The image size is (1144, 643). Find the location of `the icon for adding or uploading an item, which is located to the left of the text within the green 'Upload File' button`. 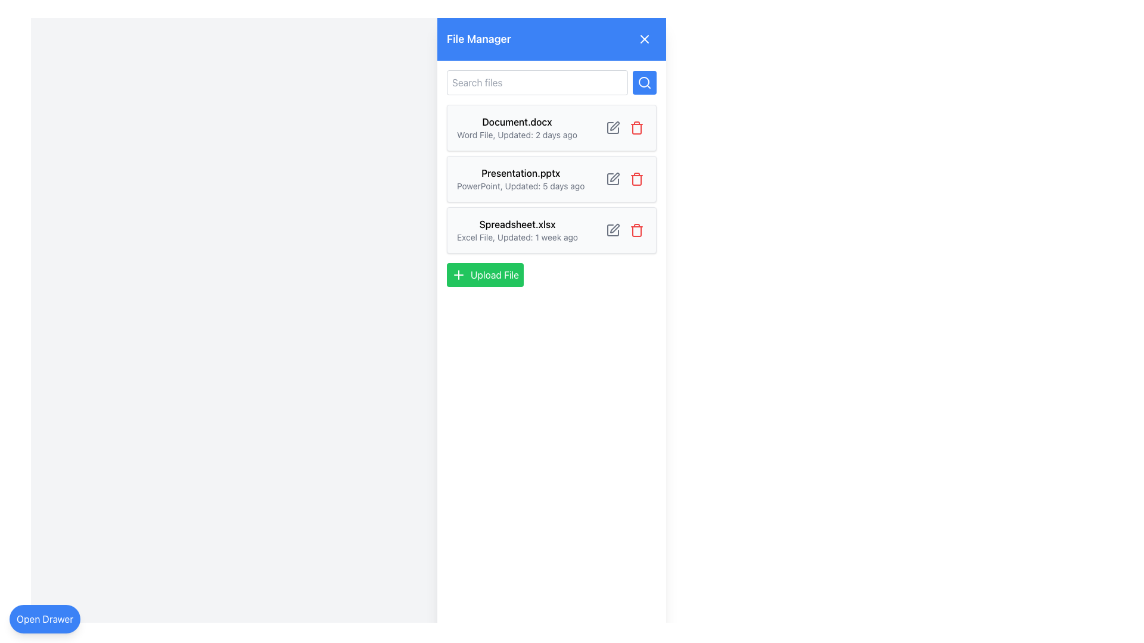

the icon for adding or uploading an item, which is located to the left of the text within the green 'Upload File' button is located at coordinates (458, 275).